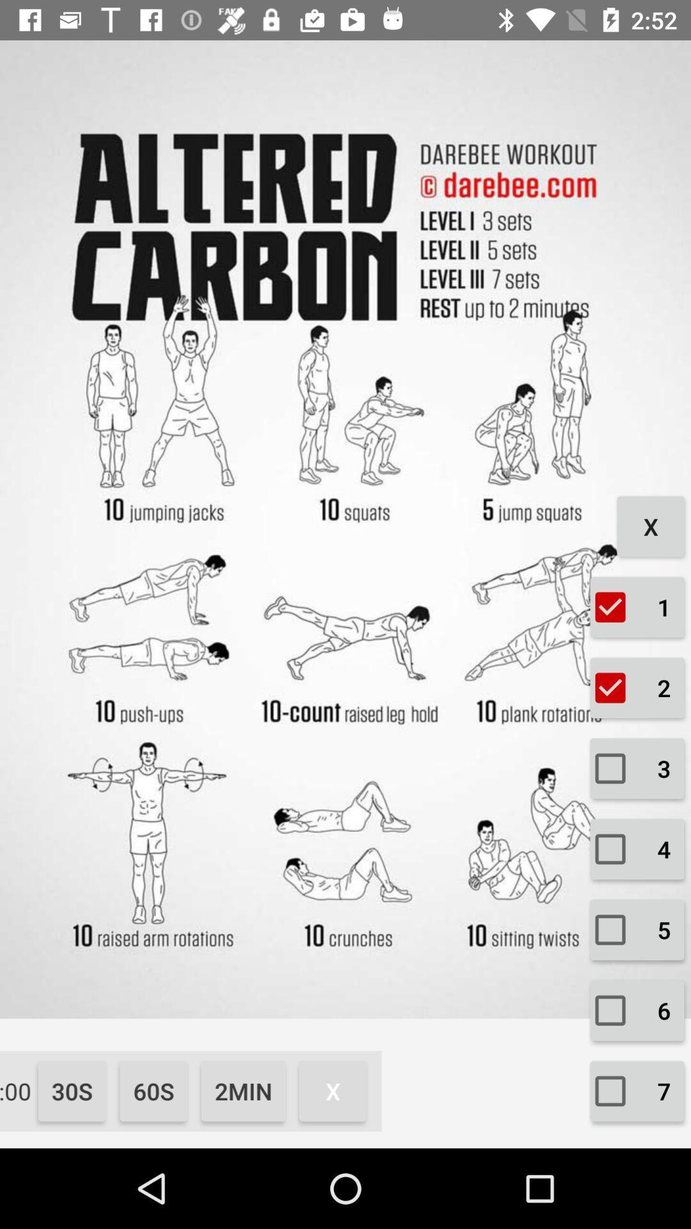  I want to click on the check box below text x, so click(637, 607).